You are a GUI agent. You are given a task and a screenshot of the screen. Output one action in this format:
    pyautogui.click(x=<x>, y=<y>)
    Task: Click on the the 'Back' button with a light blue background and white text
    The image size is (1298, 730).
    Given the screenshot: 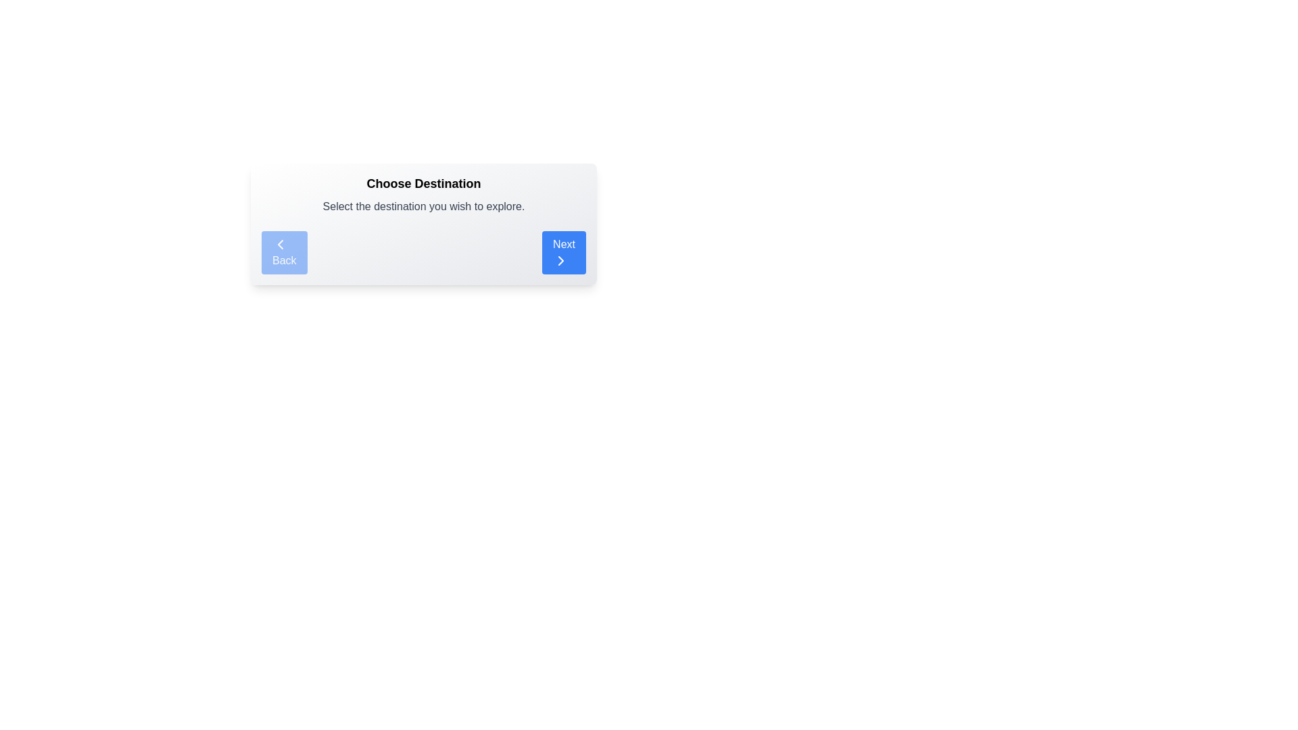 What is the action you would take?
    pyautogui.click(x=283, y=253)
    